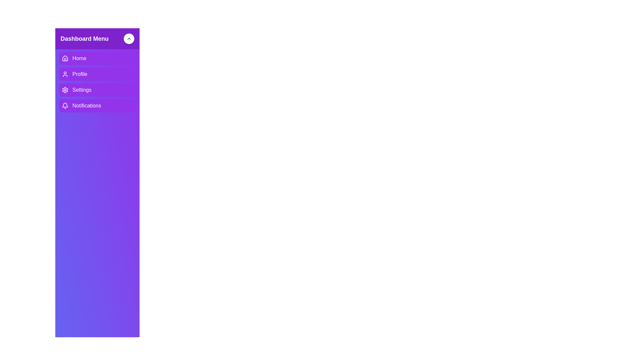 This screenshot has width=632, height=355. Describe the element at coordinates (97, 82) in the screenshot. I see `the 'Dashboard Menu' vertical navigation menu` at that location.